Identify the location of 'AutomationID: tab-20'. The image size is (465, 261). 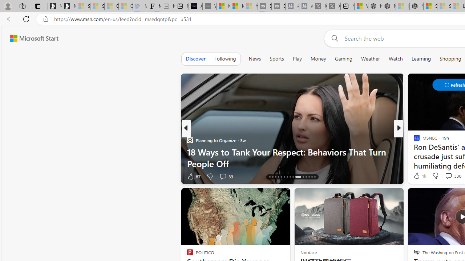
(281, 177).